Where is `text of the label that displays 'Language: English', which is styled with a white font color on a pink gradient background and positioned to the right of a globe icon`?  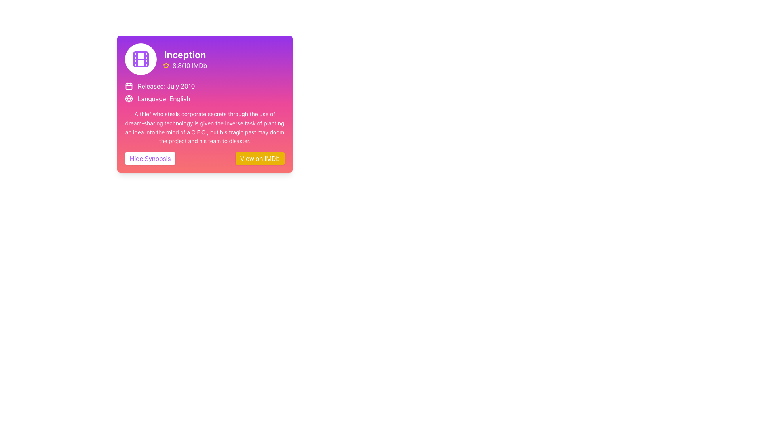 text of the label that displays 'Language: English', which is styled with a white font color on a pink gradient background and positioned to the right of a globe icon is located at coordinates (163, 98).